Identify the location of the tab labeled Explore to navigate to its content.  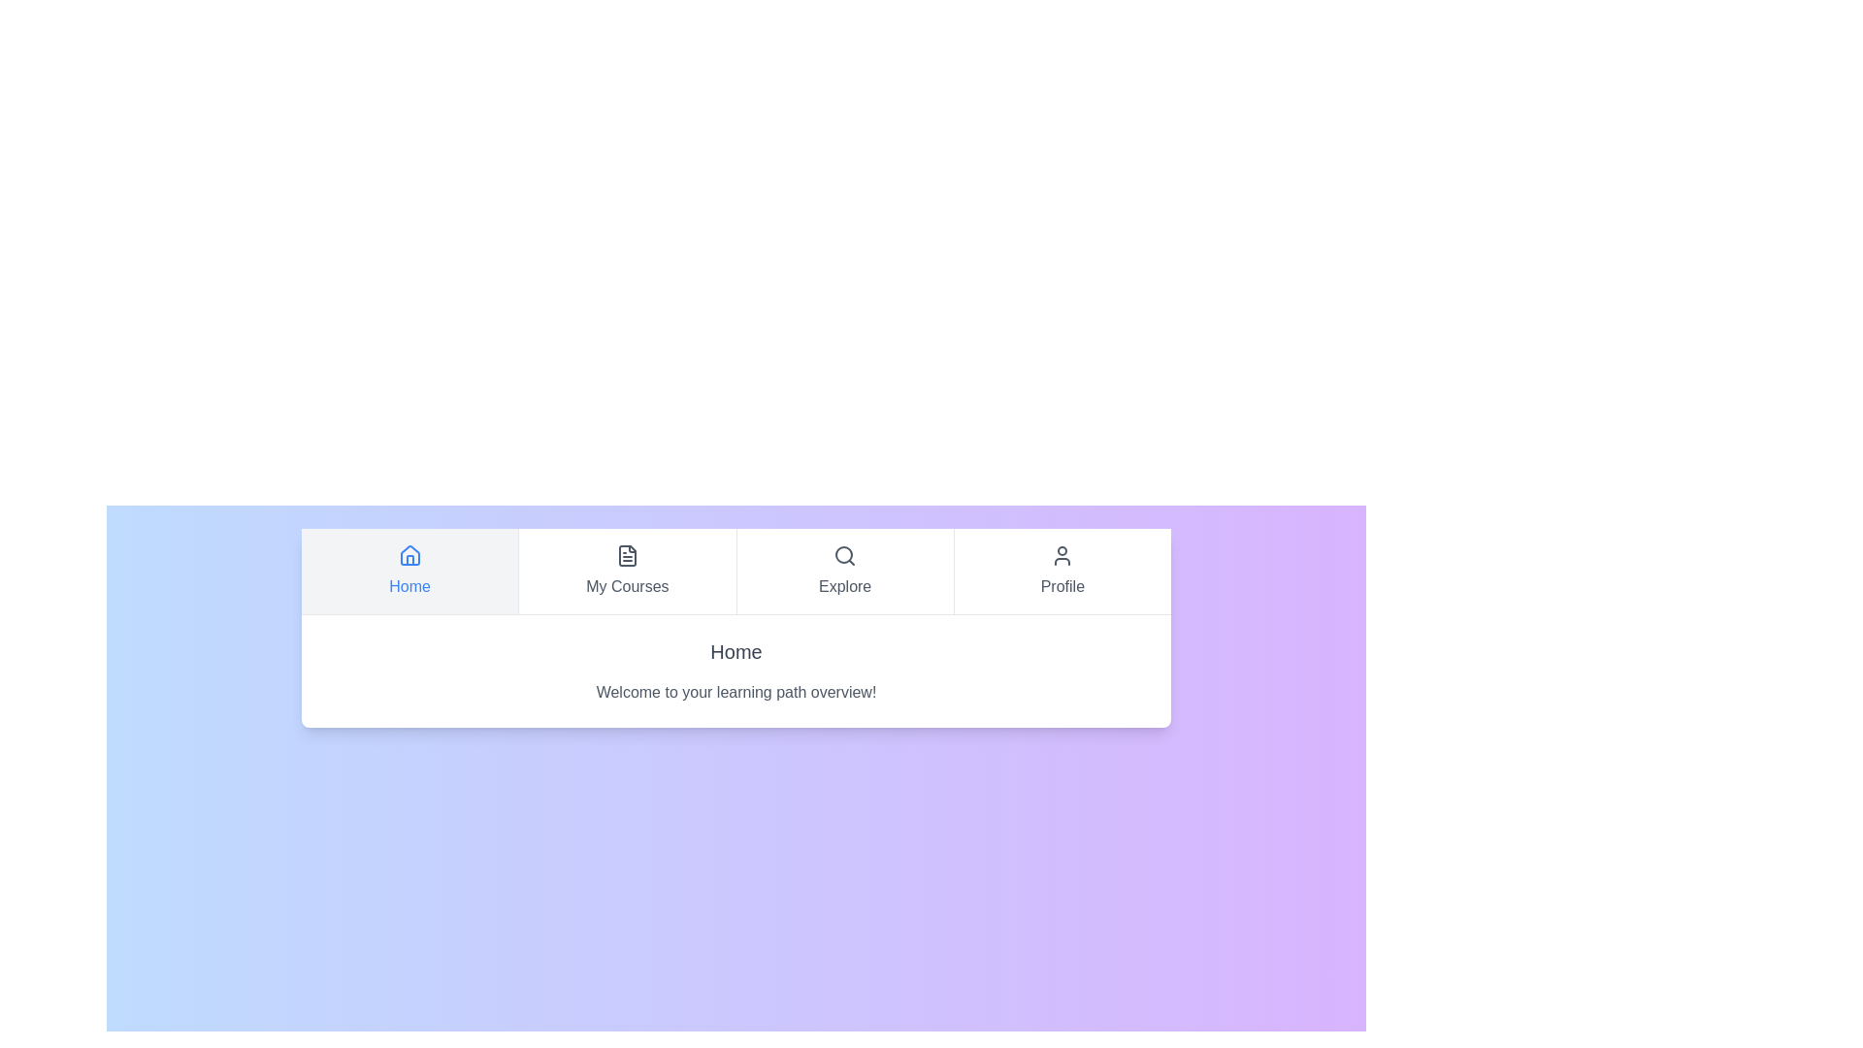
(844, 571).